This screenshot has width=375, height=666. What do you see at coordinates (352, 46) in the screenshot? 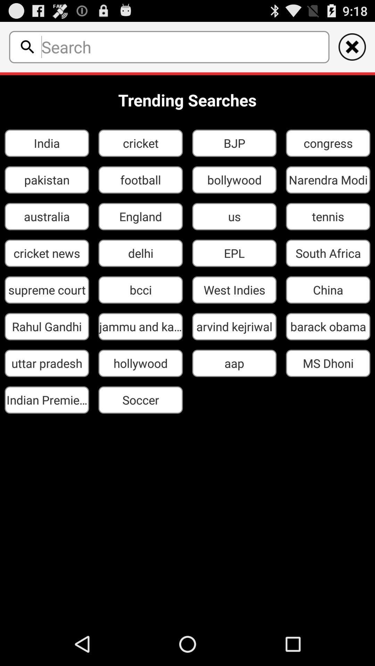
I see `cancelar ao anterior` at bounding box center [352, 46].